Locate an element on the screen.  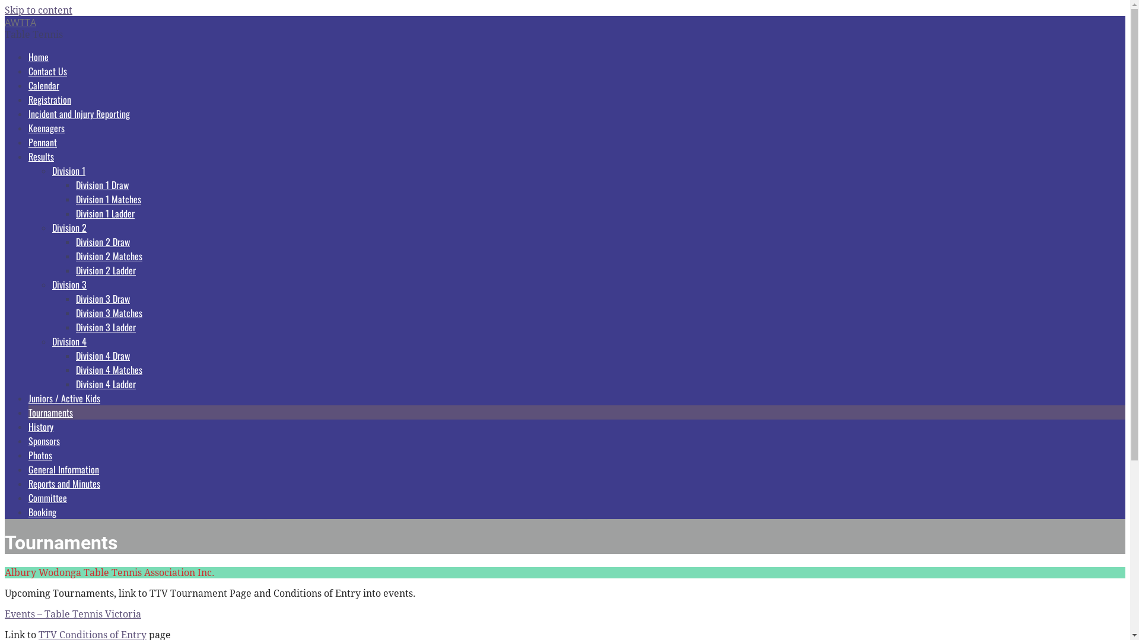
'Division 3' is located at coordinates (51, 284).